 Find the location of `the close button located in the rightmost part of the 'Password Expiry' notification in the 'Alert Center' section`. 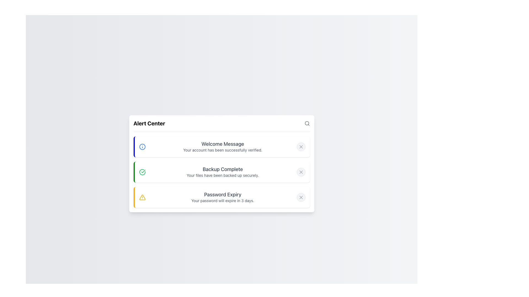

the close button located in the rightmost part of the 'Password Expiry' notification in the 'Alert Center' section is located at coordinates (301, 197).